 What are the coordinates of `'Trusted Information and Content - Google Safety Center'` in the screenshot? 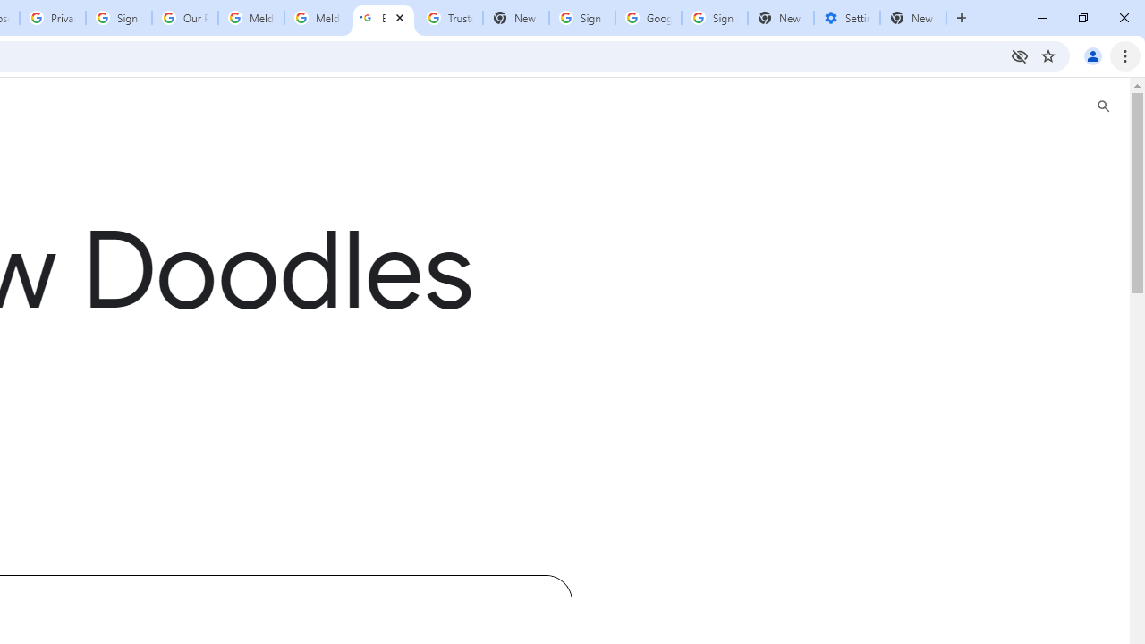 It's located at (450, 18).